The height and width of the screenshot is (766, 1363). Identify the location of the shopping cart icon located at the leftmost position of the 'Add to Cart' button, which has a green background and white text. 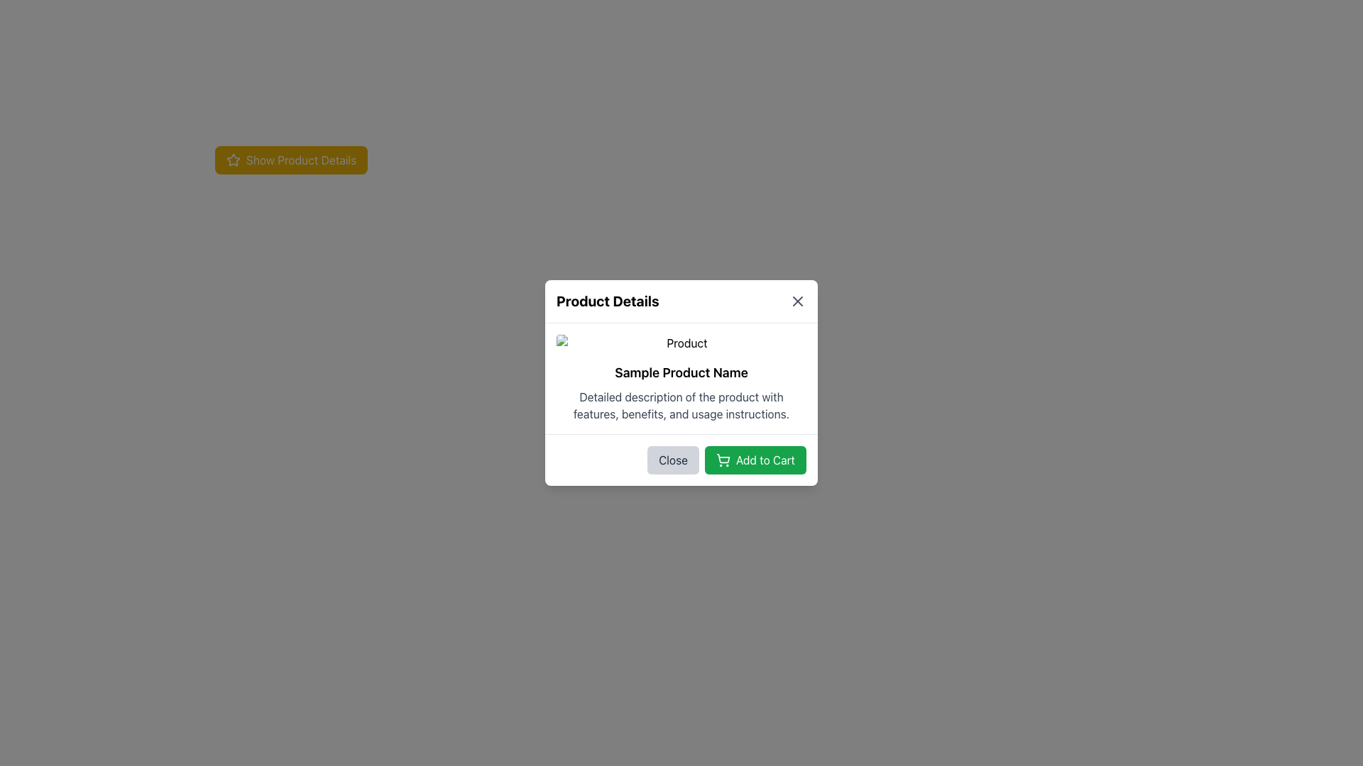
(723, 460).